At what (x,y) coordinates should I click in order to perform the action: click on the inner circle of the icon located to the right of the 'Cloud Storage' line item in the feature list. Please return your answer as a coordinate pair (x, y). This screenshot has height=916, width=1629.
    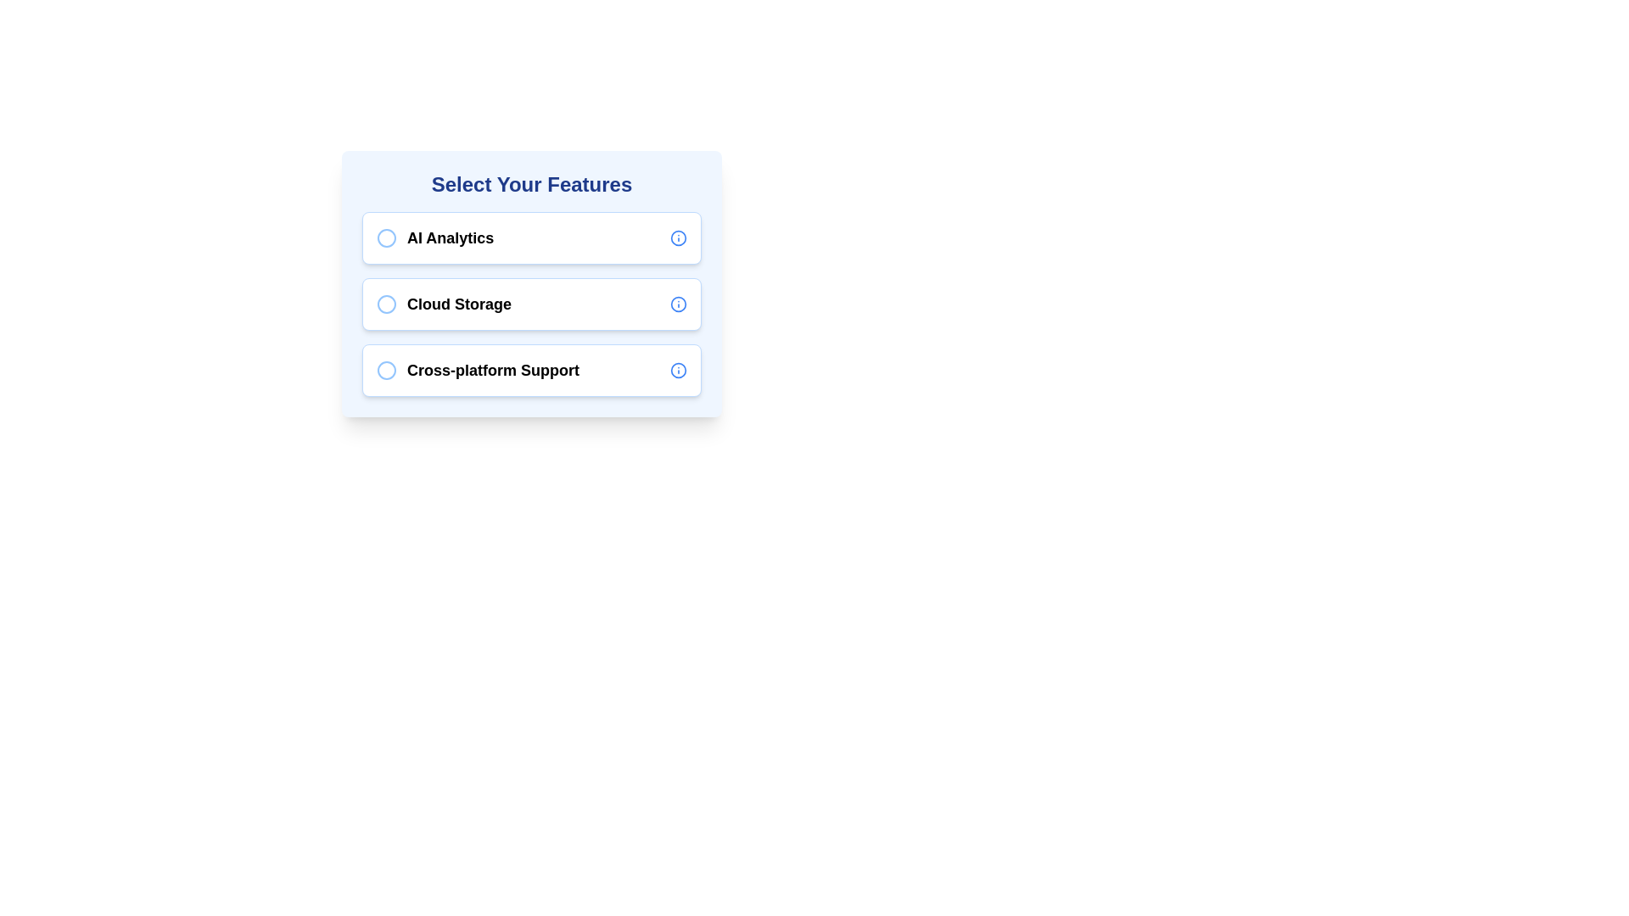
    Looking at the image, I should click on (679, 303).